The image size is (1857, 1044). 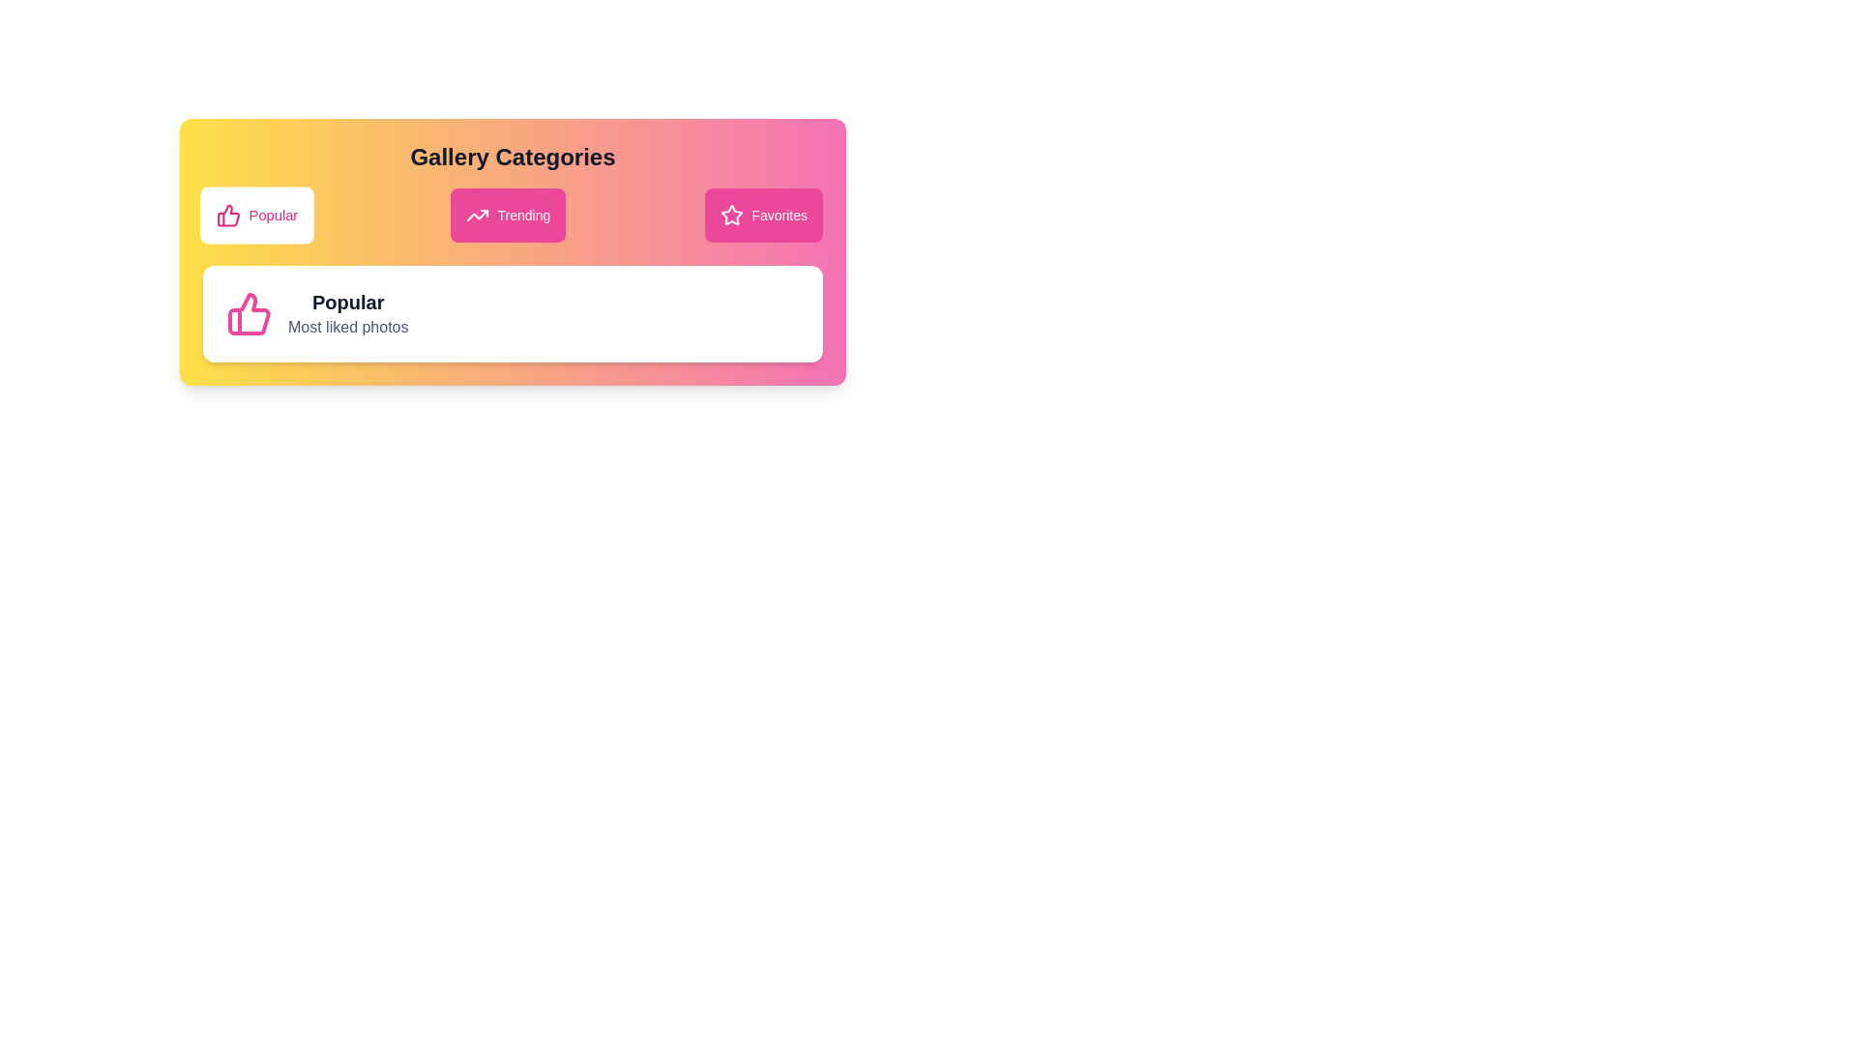 I want to click on the upward-trending arrow icon within the 'Trending' button, so click(x=478, y=216).